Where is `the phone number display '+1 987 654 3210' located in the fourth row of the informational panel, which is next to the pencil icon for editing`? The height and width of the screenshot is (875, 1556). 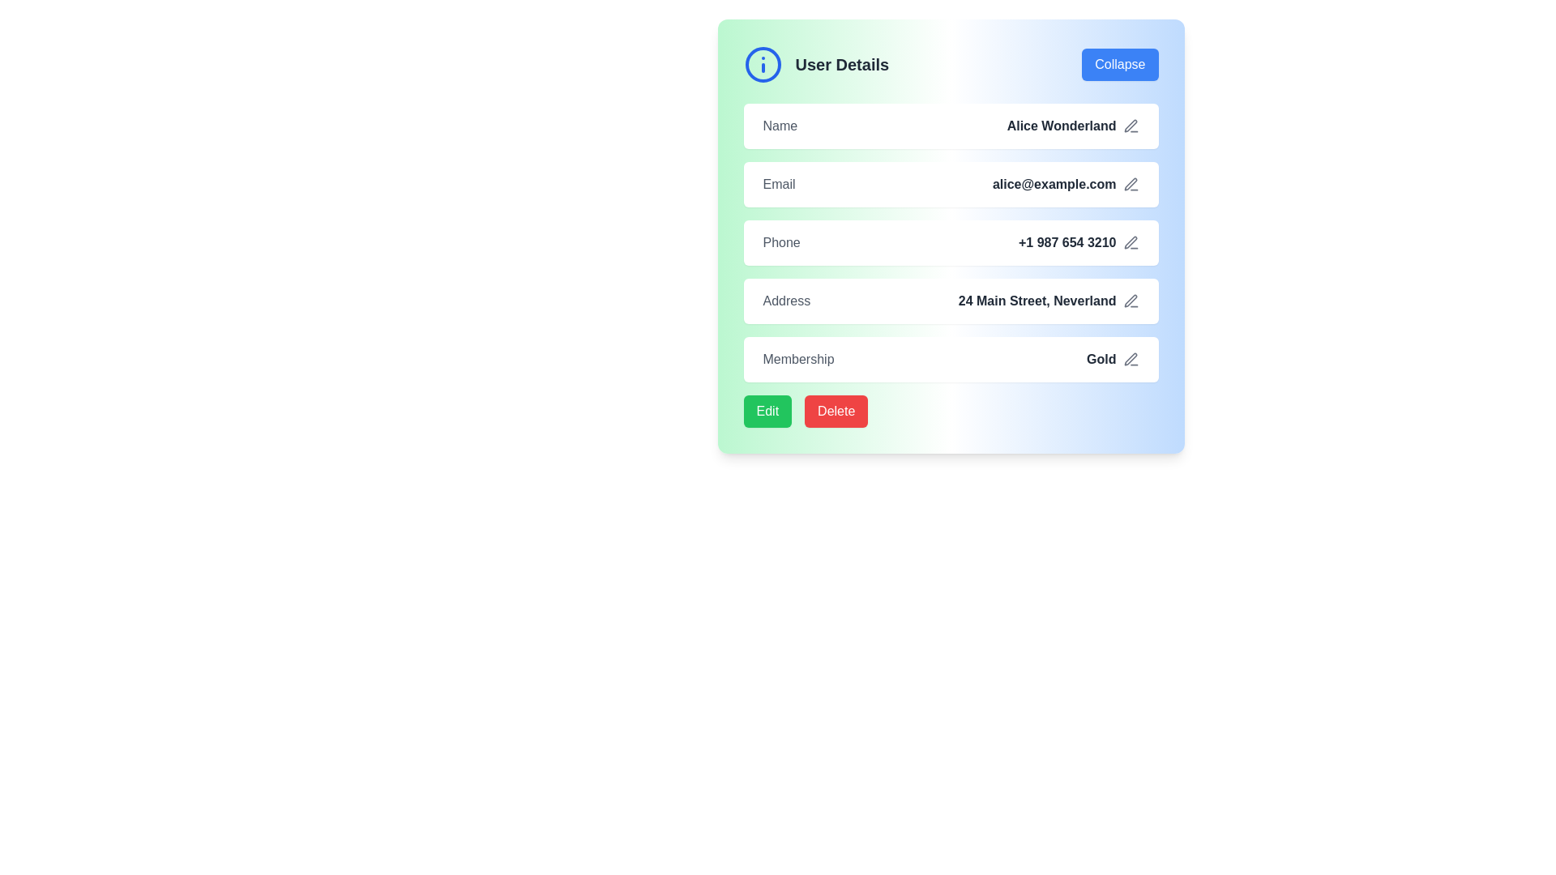 the phone number display '+1 987 654 3210' located in the fourth row of the informational panel, which is next to the pencil icon for editing is located at coordinates (1079, 243).